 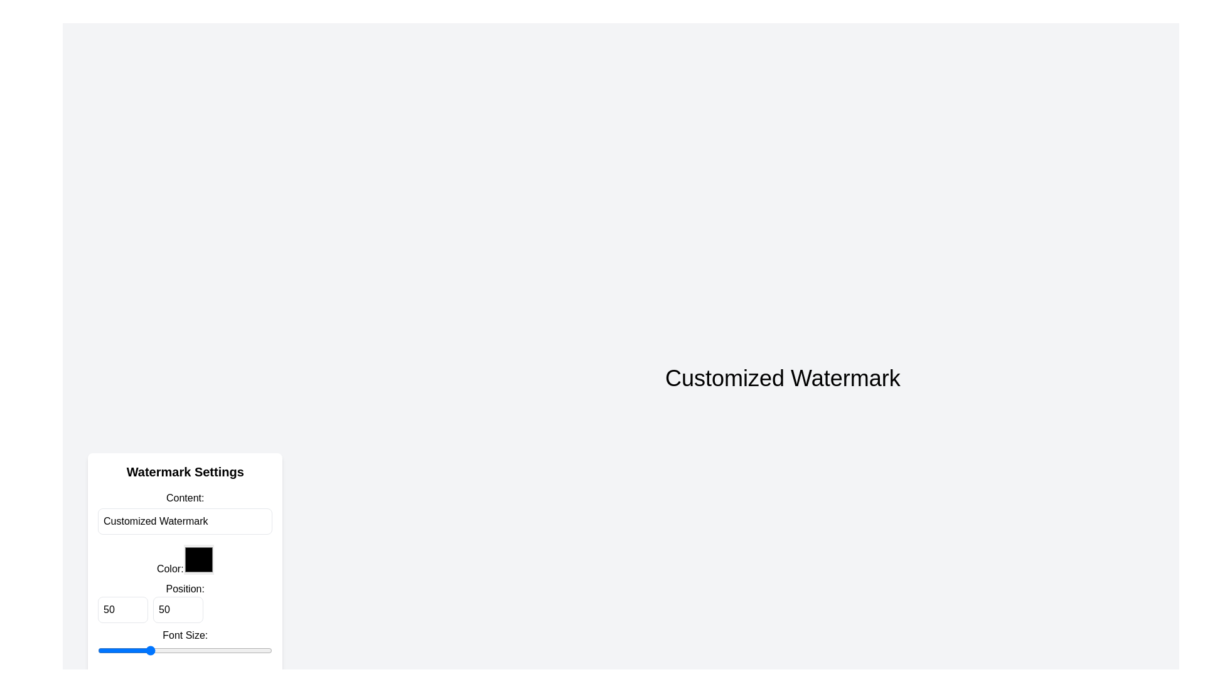 I want to click on the text input box with rounded corners and a thin border, which contains the placeholder 'Customized Watermark', located beneath the label 'Content:' in the 'Watermark Settings' panel, so click(x=185, y=522).